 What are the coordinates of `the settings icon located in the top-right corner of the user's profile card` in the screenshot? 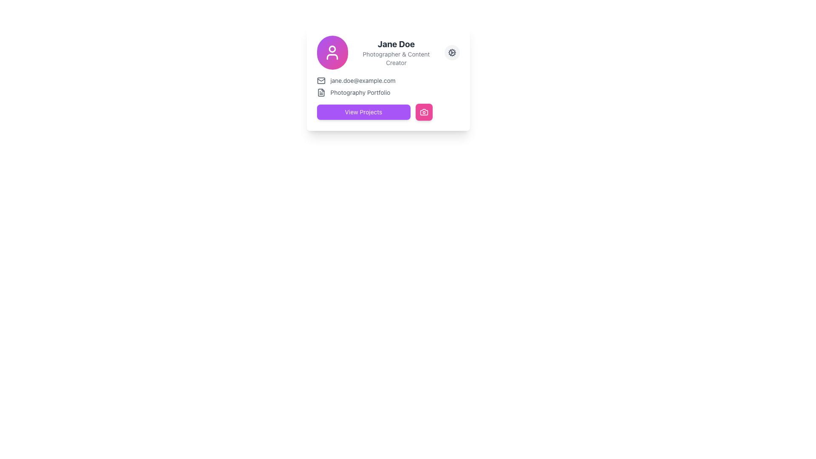 It's located at (451, 52).